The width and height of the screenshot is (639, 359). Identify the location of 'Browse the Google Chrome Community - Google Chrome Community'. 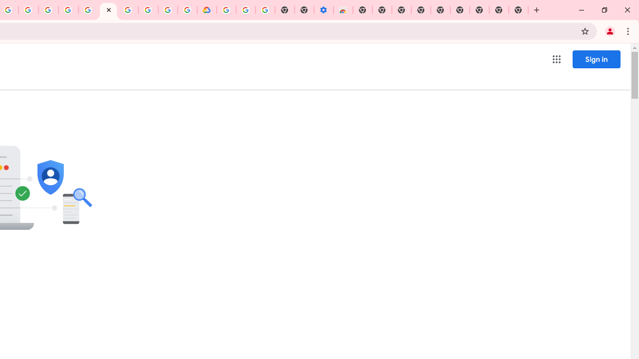
(187, 10).